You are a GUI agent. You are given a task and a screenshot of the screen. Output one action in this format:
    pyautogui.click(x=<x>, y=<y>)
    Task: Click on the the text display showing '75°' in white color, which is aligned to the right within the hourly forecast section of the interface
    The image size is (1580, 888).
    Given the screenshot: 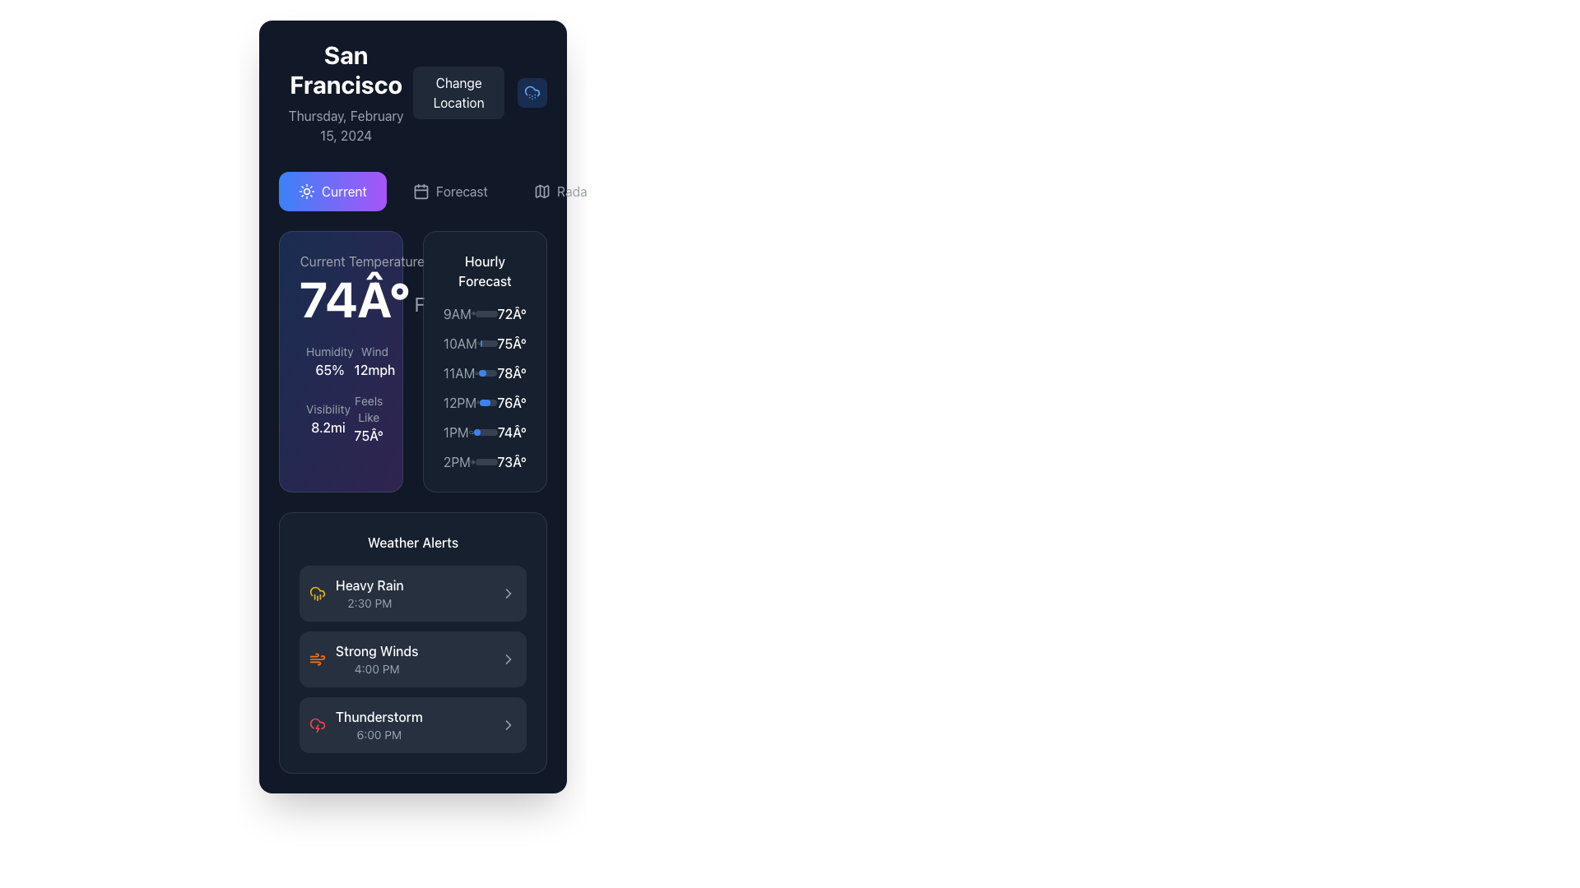 What is the action you would take?
    pyautogui.click(x=511, y=342)
    